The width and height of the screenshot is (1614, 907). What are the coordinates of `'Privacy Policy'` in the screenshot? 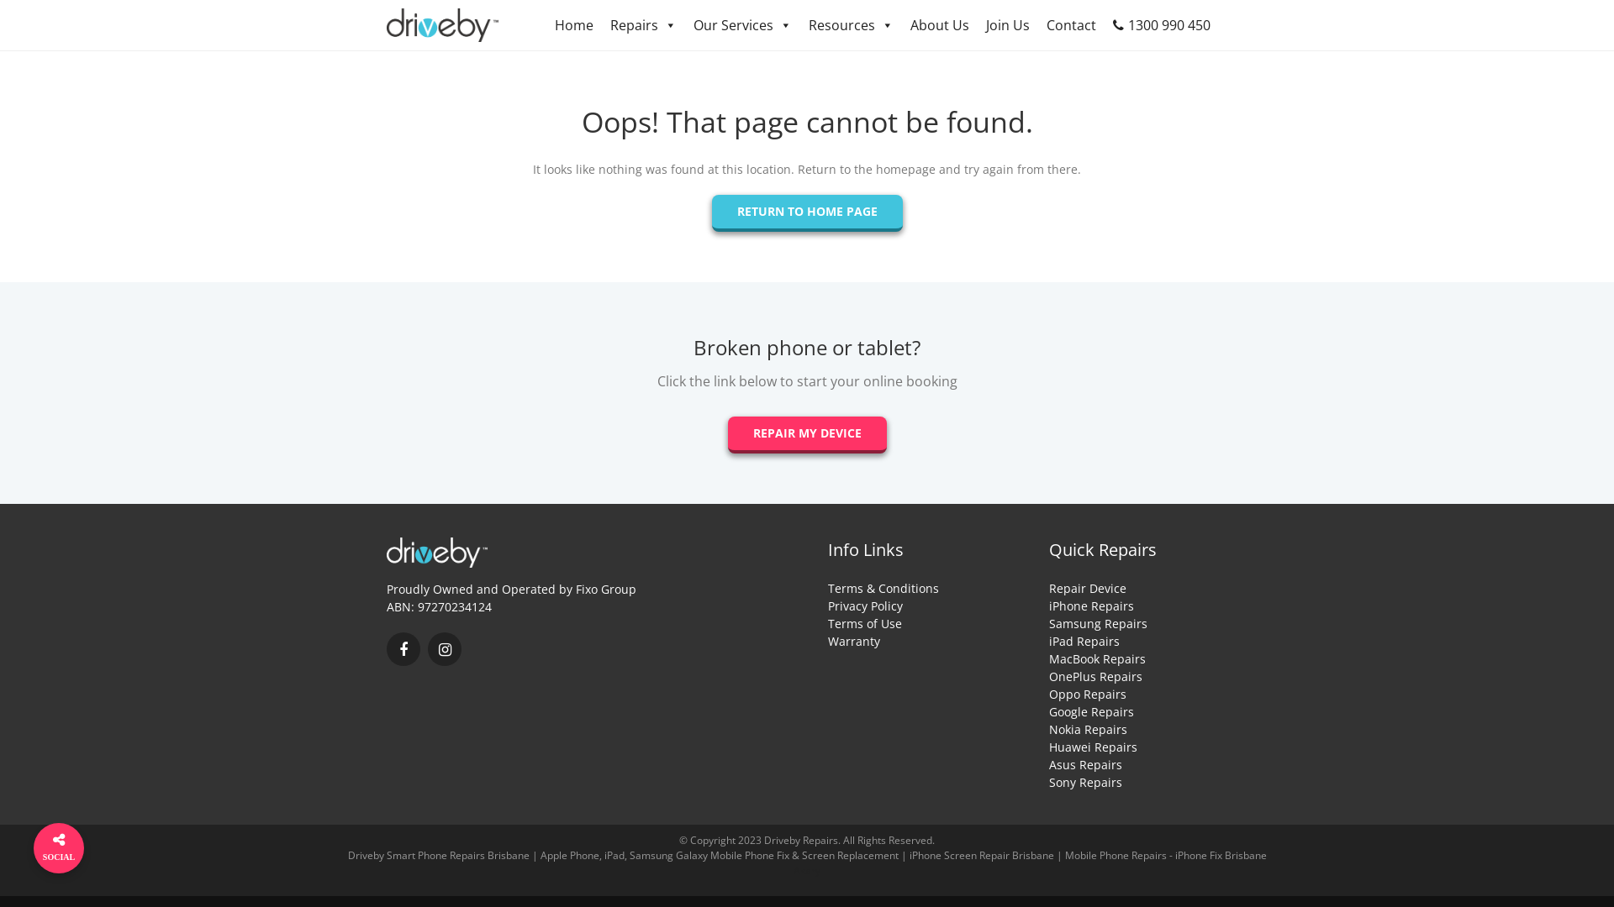 It's located at (865, 606).